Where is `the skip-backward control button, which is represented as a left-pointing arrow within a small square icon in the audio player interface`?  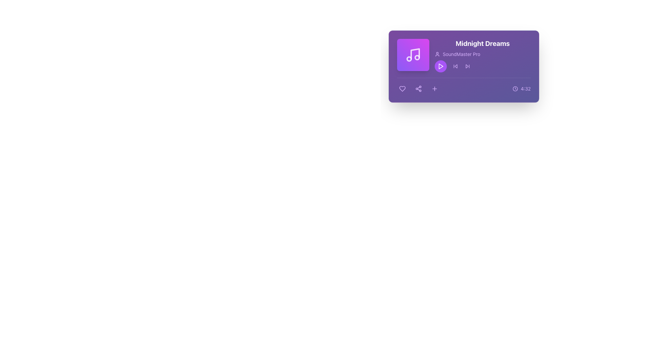 the skip-backward control button, which is represented as a left-pointing arrow within a small square icon in the audio player interface is located at coordinates (456, 66).